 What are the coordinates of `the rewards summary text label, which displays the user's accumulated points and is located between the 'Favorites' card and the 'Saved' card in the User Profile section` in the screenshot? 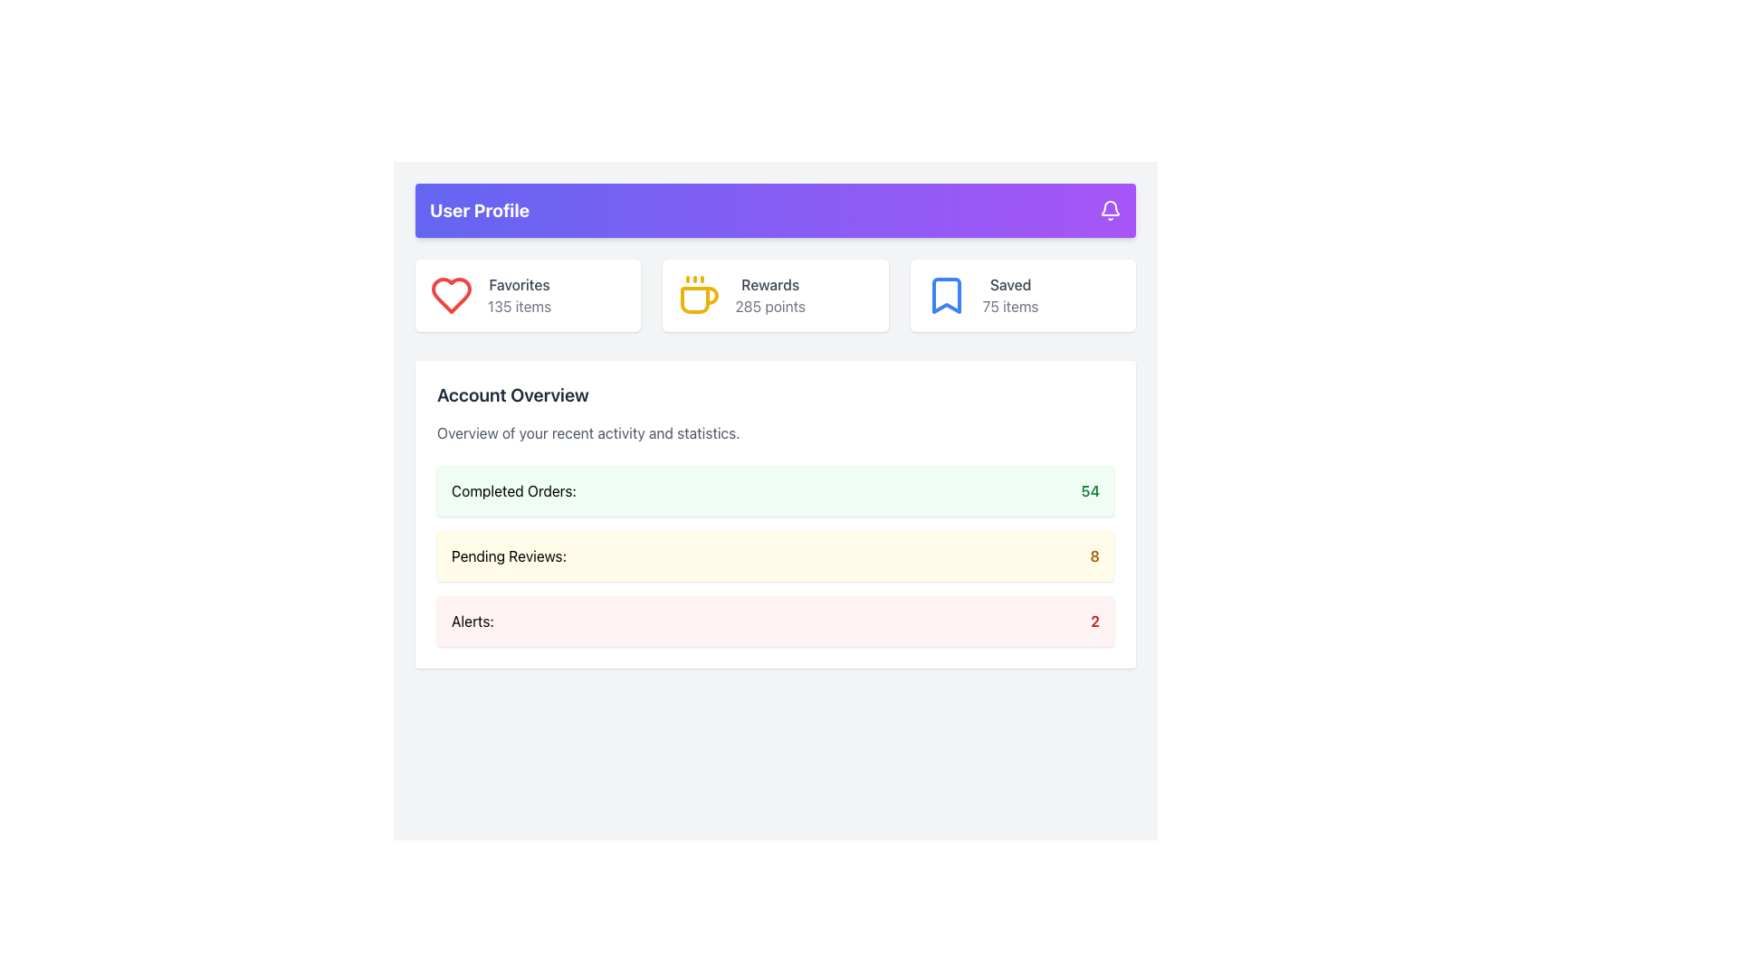 It's located at (770, 295).